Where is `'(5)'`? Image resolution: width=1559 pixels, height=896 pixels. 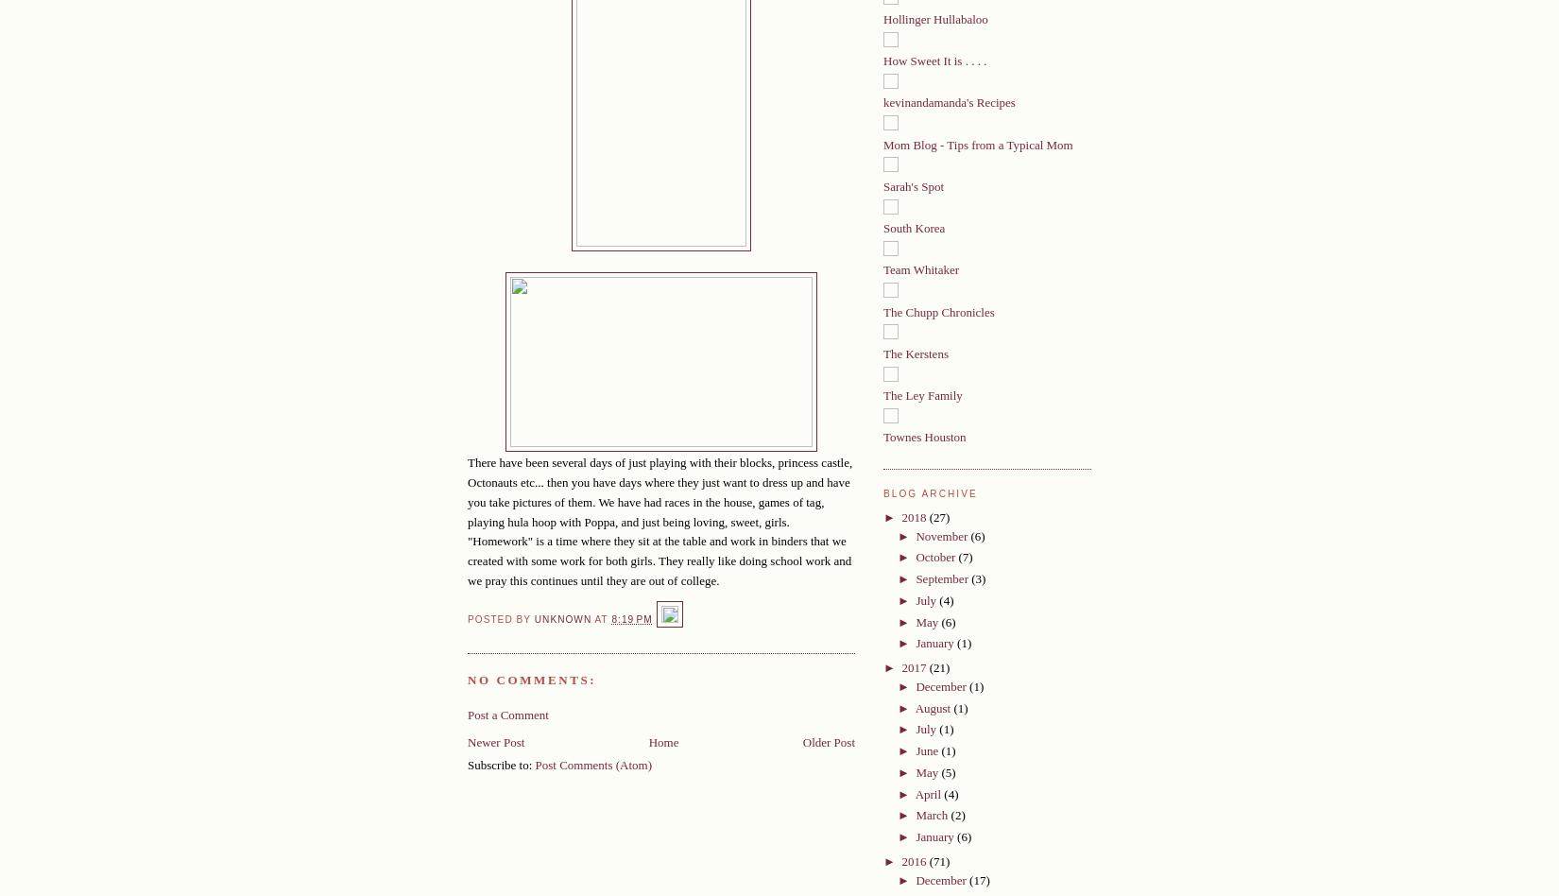 '(5)' is located at coordinates (948, 771).